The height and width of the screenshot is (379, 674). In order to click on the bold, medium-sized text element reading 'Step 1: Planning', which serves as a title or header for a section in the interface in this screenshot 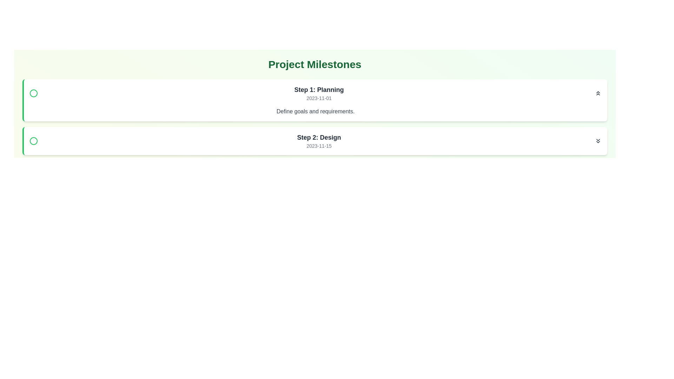, I will do `click(318, 89)`.